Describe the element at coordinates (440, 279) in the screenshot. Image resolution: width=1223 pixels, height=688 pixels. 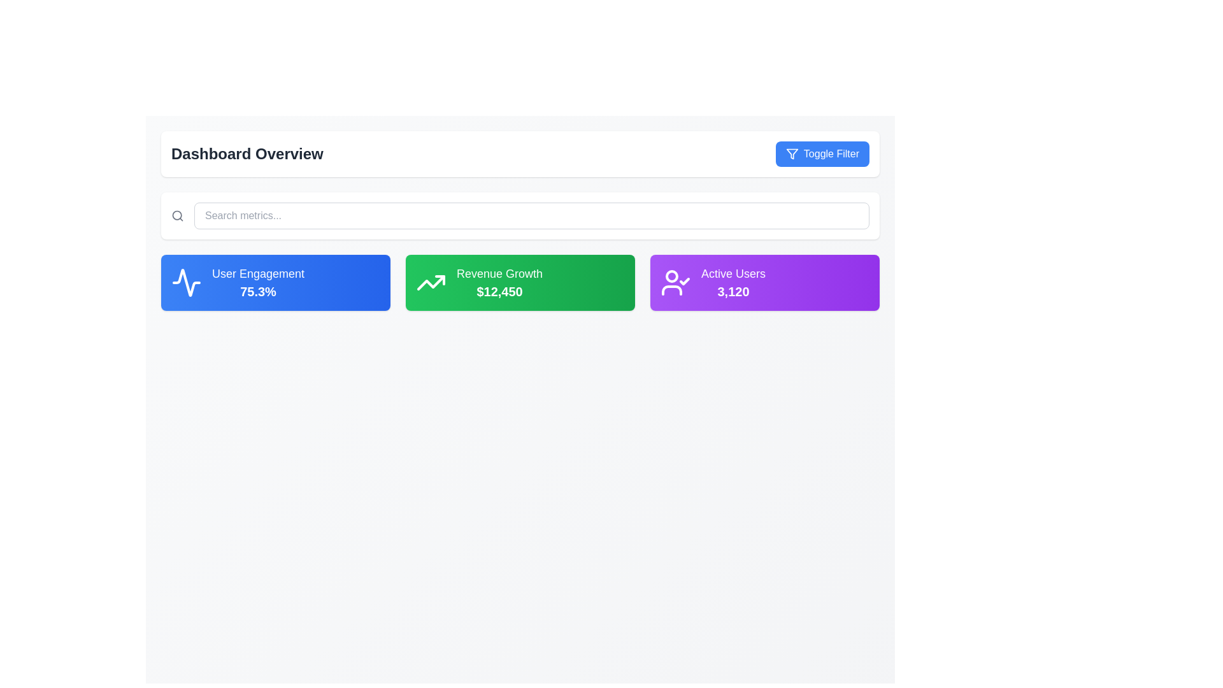
I see `the graphic element within the green tile labeled 'Revenue Growth', which serves as a visual cue for upward growth, located near its top-right section` at that location.